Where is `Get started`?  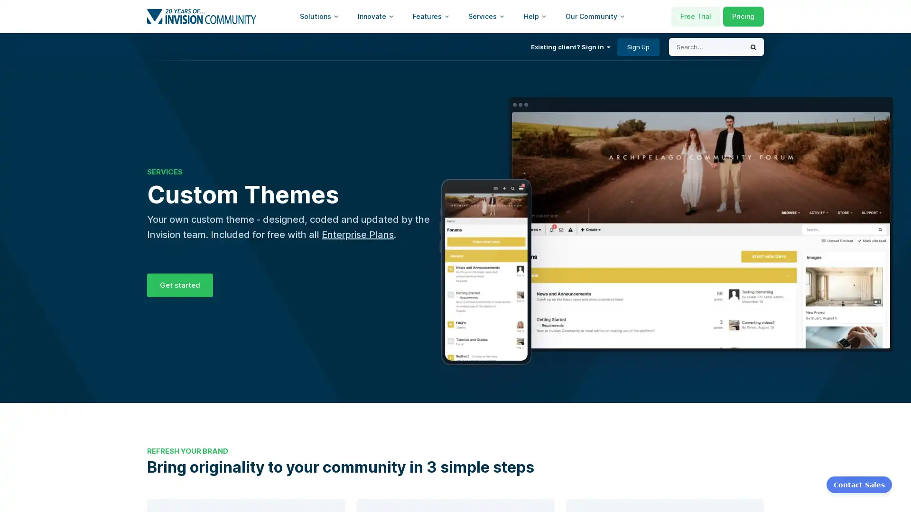 Get started is located at coordinates (180, 284).